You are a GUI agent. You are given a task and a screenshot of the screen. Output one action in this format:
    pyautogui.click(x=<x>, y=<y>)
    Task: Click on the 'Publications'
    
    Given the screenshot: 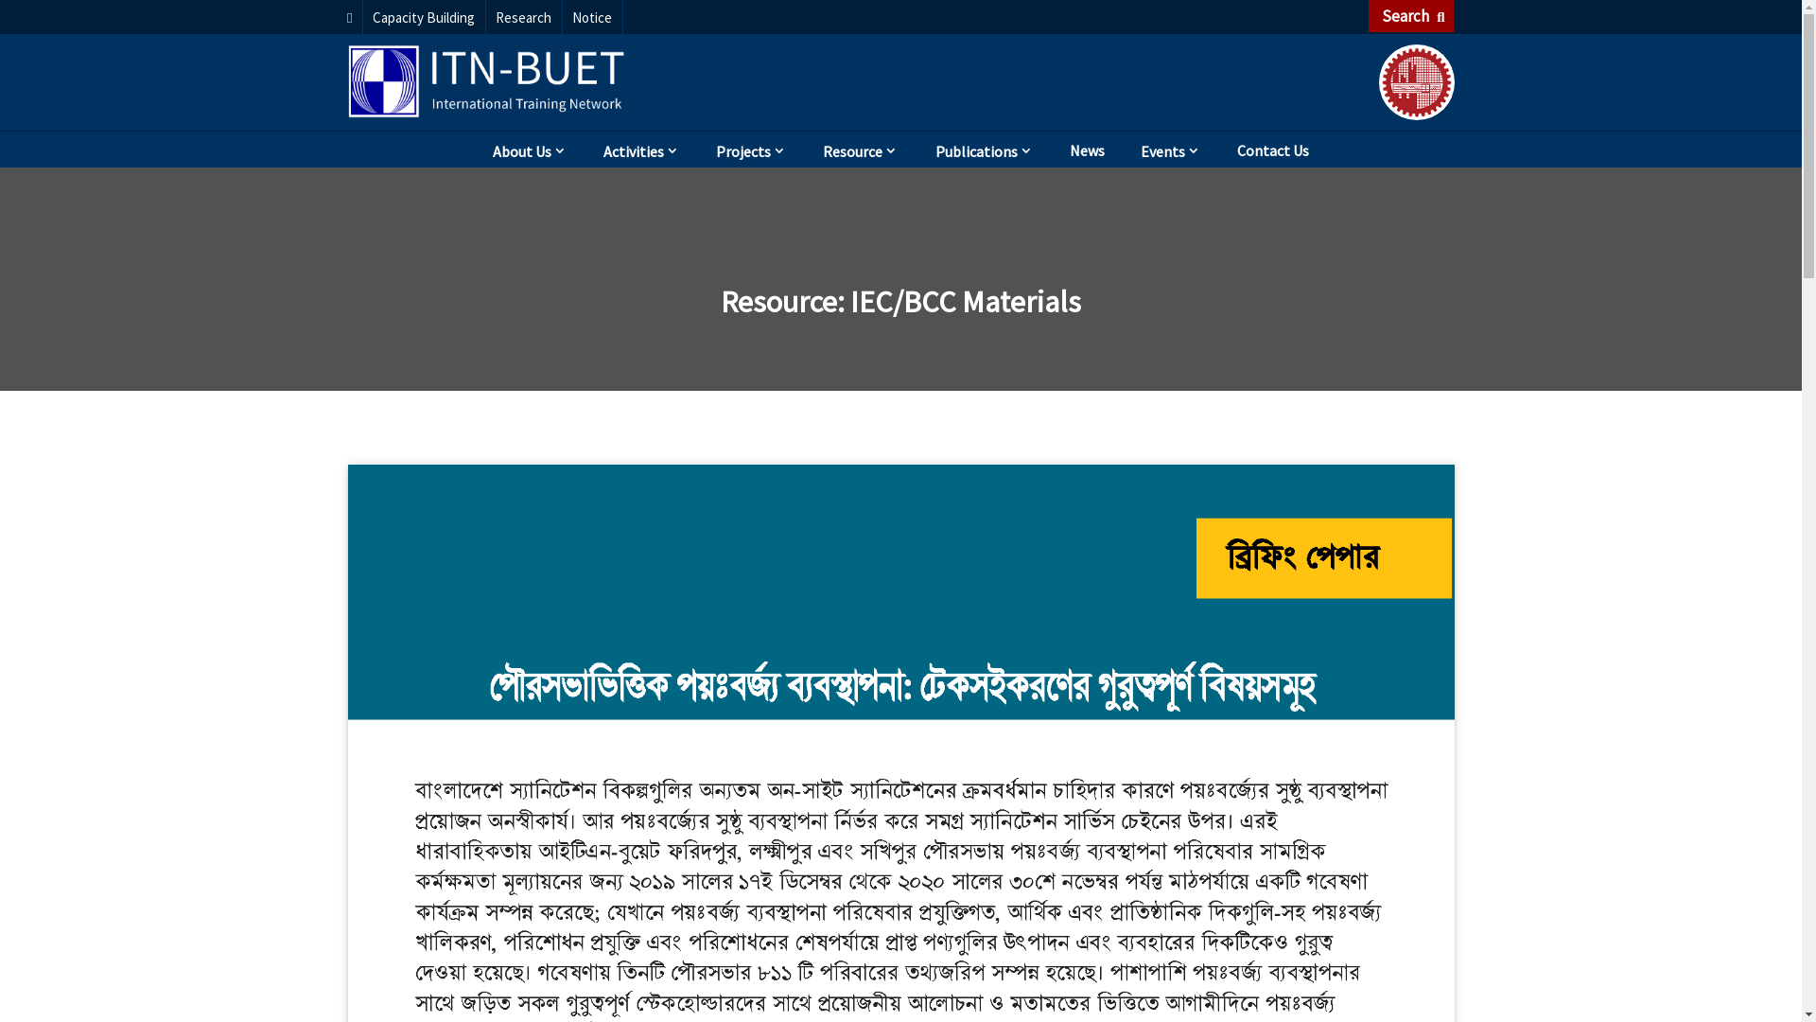 What is the action you would take?
    pyautogui.click(x=917, y=148)
    